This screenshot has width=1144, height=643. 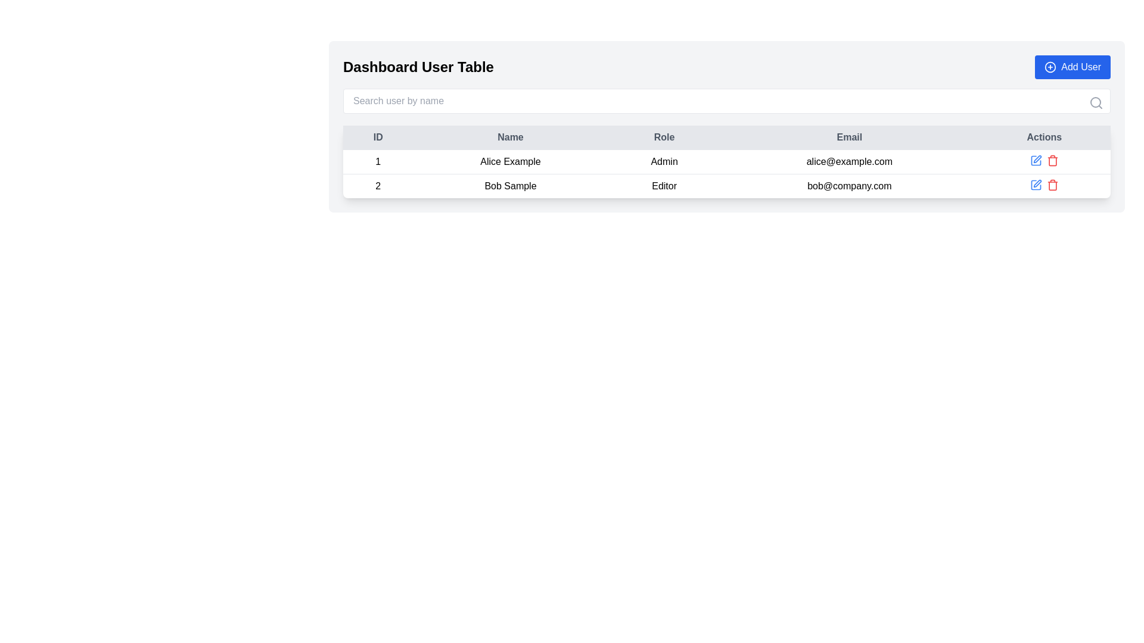 What do you see at coordinates (377, 186) in the screenshot?
I see `the text display element showing '2' in bold, located in the ID column of the second row under the 'Dashboard User Table' heading` at bounding box center [377, 186].